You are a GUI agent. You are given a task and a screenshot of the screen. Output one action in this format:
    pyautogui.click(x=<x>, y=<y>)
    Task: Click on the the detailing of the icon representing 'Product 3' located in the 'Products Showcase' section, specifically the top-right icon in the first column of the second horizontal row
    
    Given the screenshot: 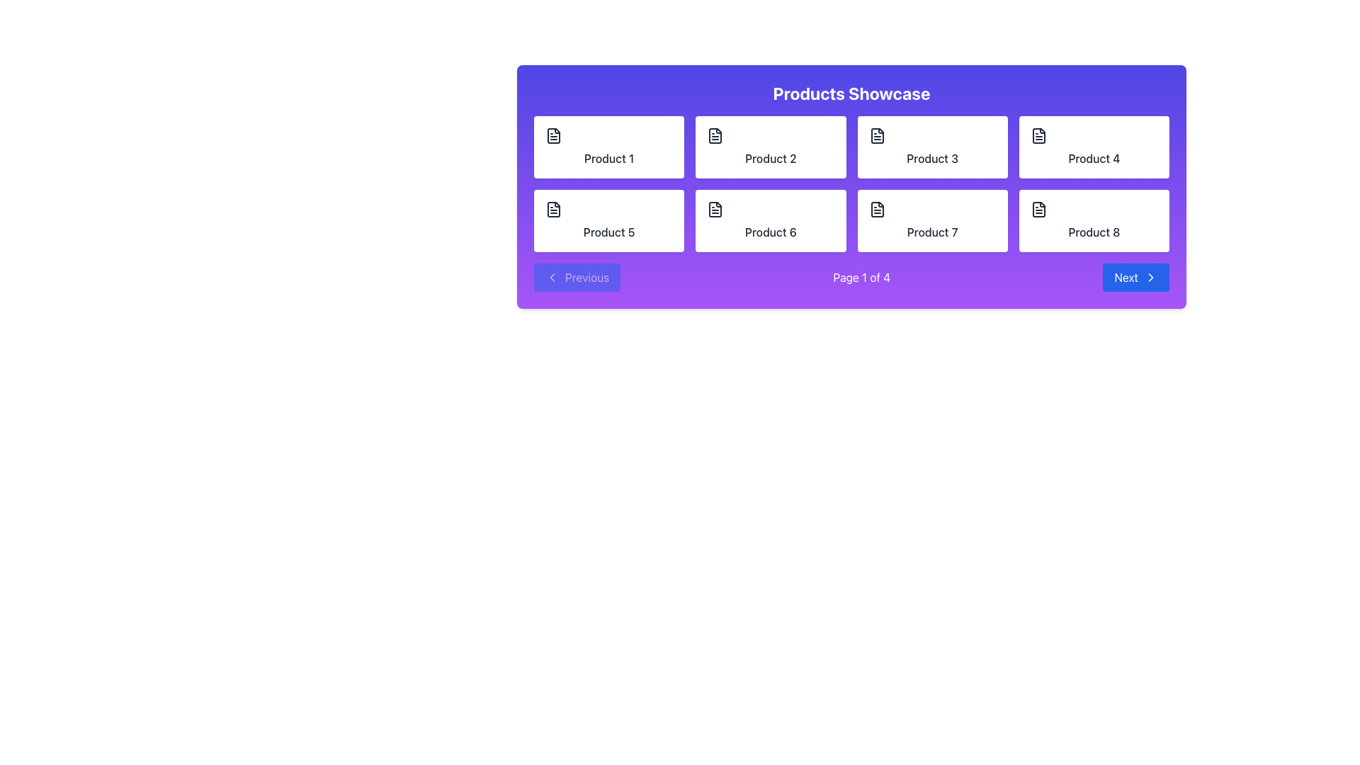 What is the action you would take?
    pyautogui.click(x=876, y=136)
    